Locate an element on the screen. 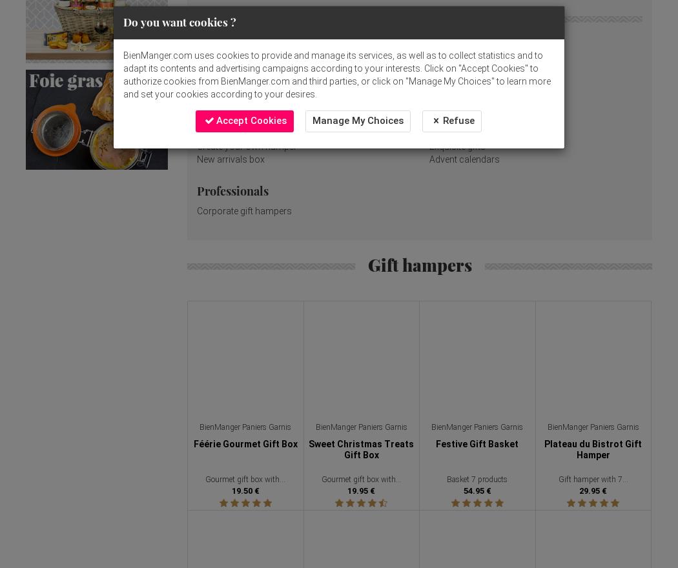  'New arrivals box' is located at coordinates (197, 159).